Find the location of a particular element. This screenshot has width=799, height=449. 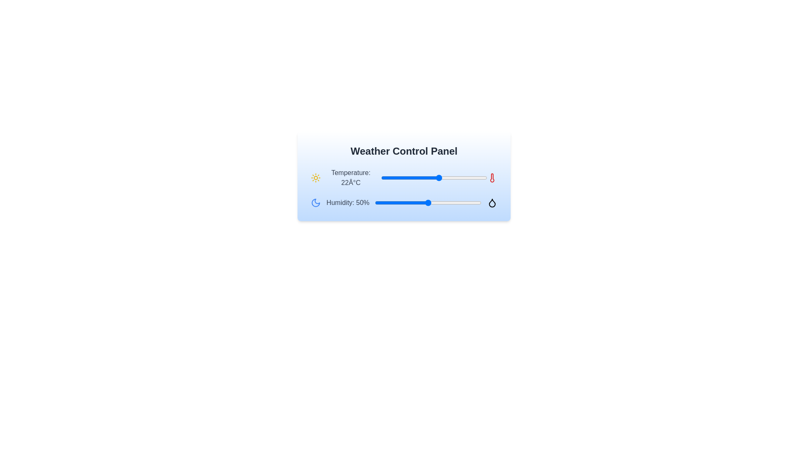

the humidity slider to set the humidity to 46% is located at coordinates (424, 203).